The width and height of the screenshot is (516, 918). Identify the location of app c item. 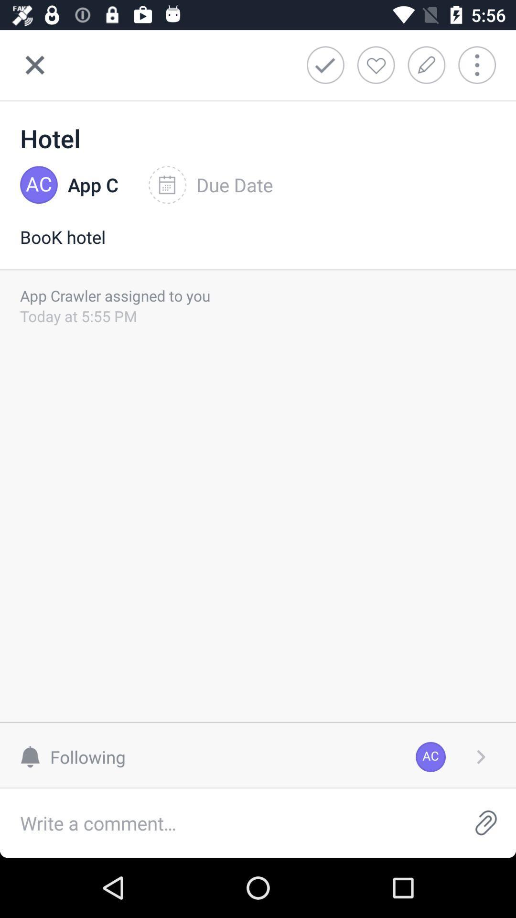
(93, 185).